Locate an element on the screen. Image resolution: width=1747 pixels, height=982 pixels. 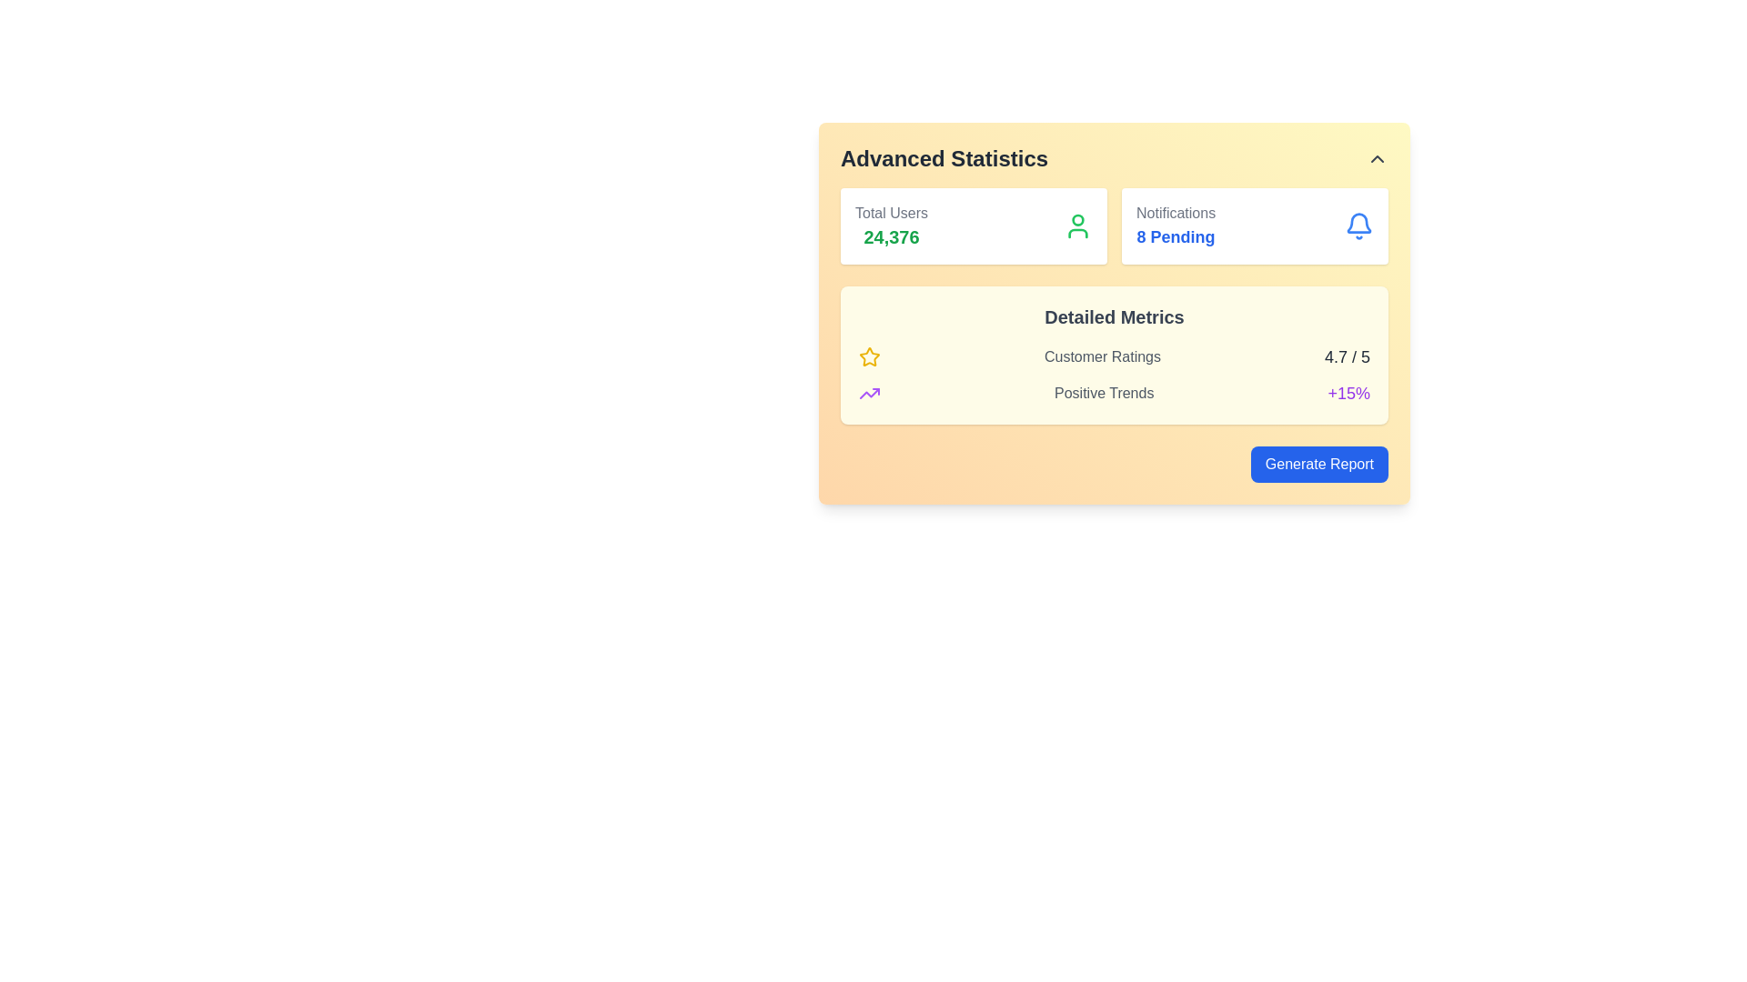
the Informational display panel that provides statistical insights about users and pending notifications, located within the 'Advanced Statistics' section is located at coordinates (1113, 225).